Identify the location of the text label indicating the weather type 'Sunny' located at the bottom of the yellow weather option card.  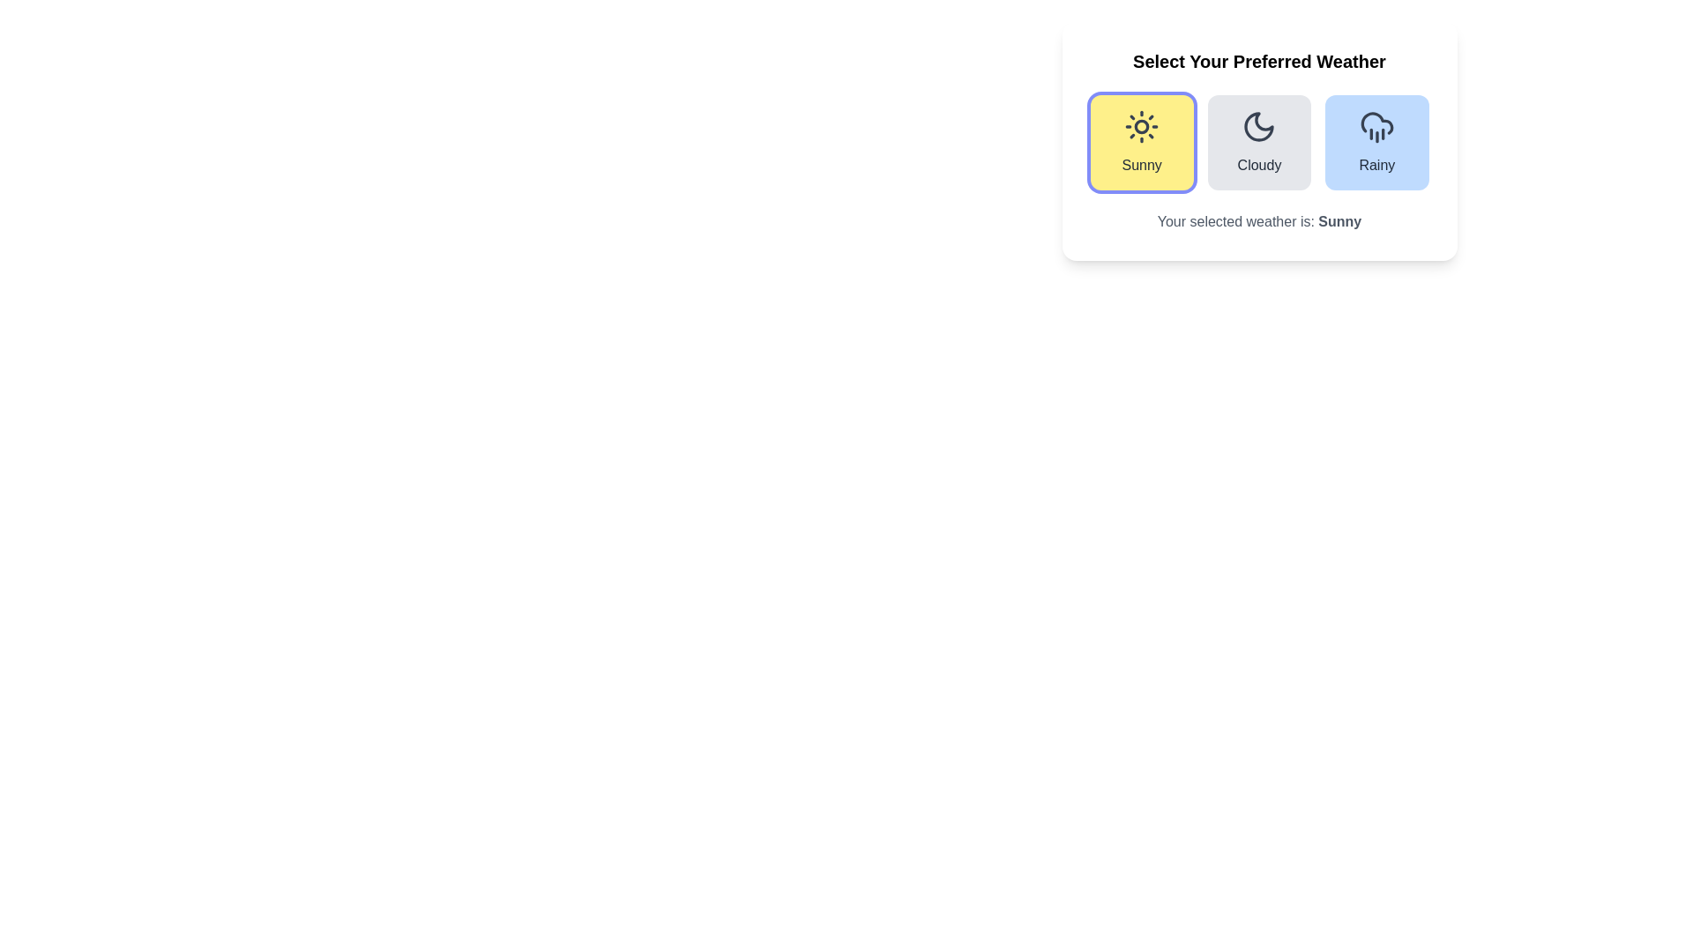
(1142, 166).